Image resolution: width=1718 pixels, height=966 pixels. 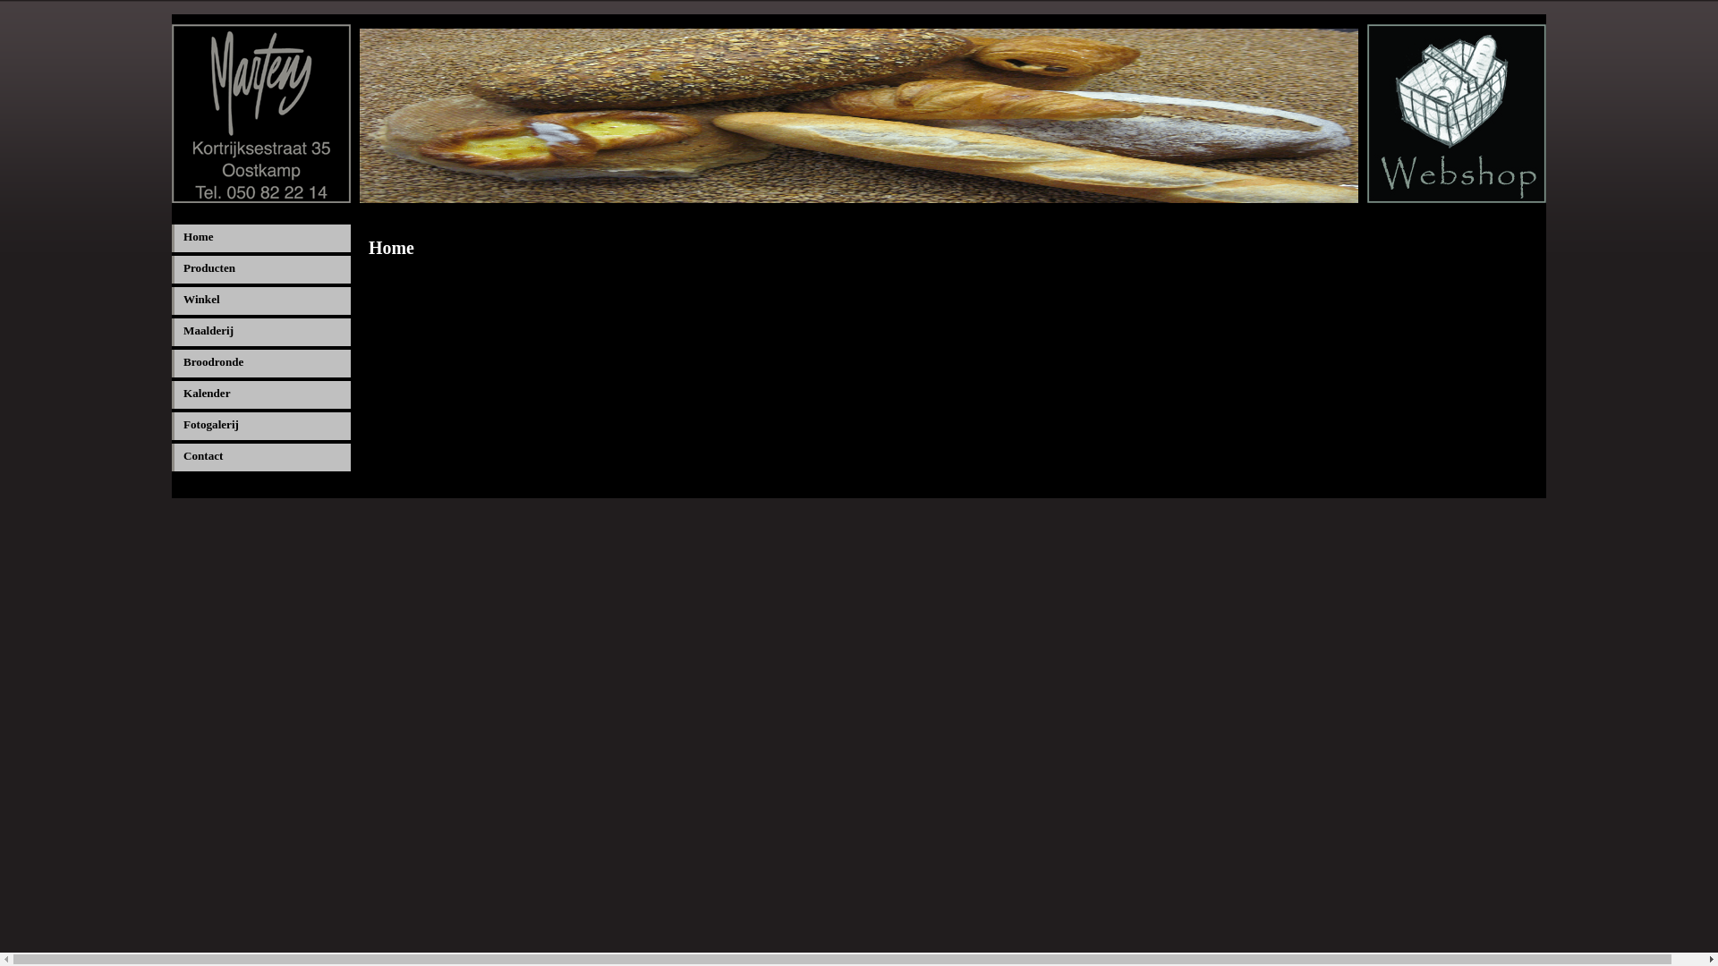 What do you see at coordinates (260, 426) in the screenshot?
I see `'Fotogalerij'` at bounding box center [260, 426].